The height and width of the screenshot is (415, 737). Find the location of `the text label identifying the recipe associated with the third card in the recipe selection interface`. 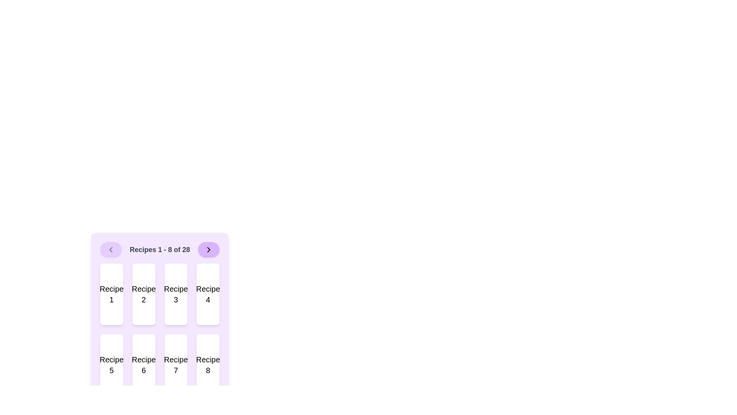

the text label identifying the recipe associated with the third card in the recipe selection interface is located at coordinates (175, 294).